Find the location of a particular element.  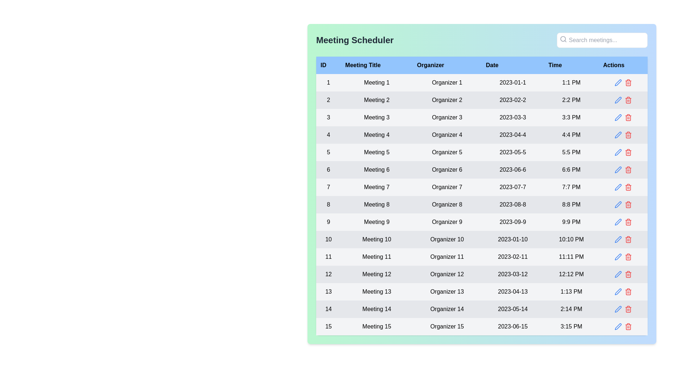

the pencil icon button located in the 'Actions' column, fourth row, associated with 'Meeting 4' is located at coordinates (617, 135).